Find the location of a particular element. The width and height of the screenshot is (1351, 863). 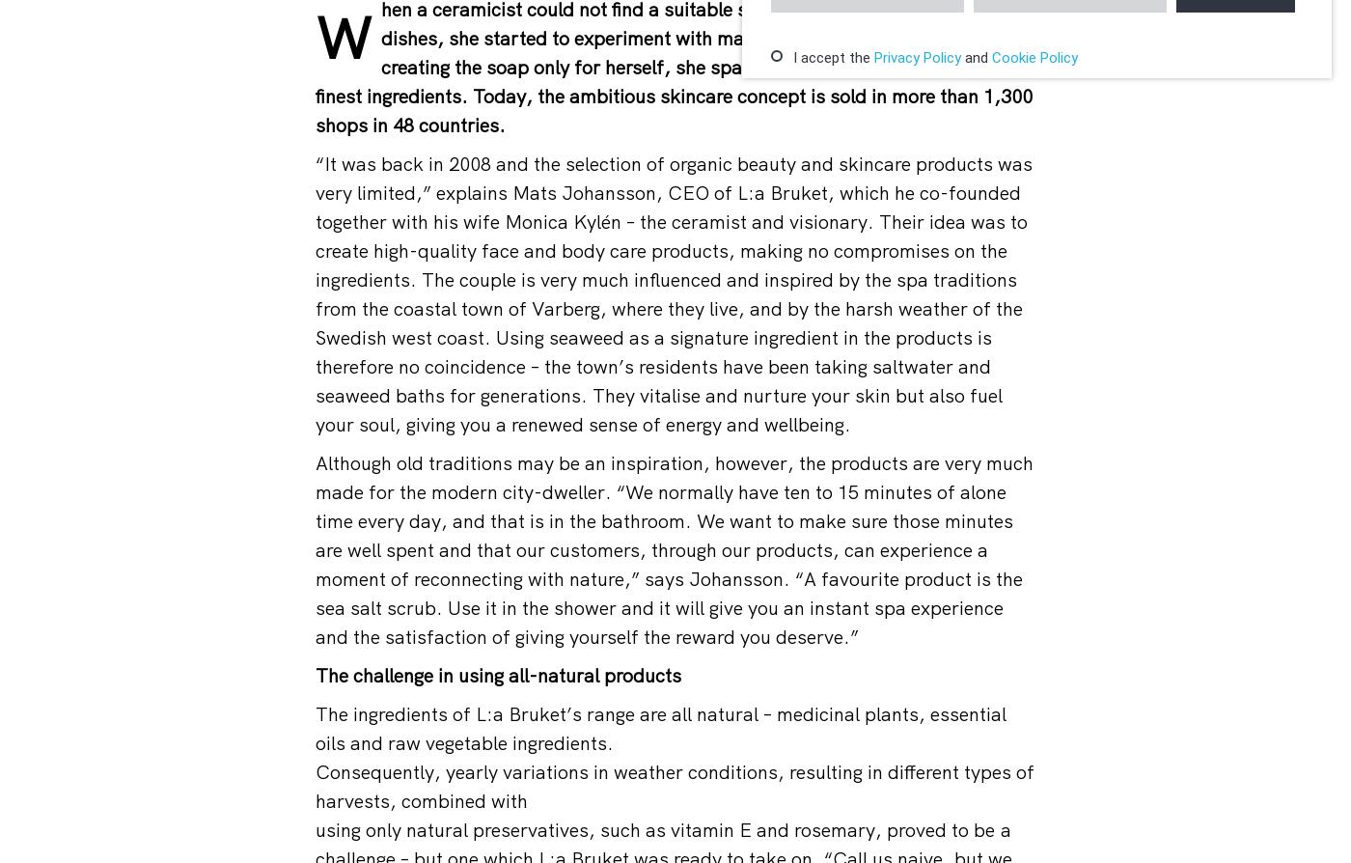

'Although old traditions may be an inspiration, however, the products are very much made for the modern city-dweller. “We normally have ten to 15 minutes of alone time every day, and that is in the bathroom. We want to make sure those minutes are well spent and that our customers, through our products, can experience a moment of reconnecting with nature,” says Johansson. “A favourite product is the sea salt scrub. Use it in the shower and it will give you an instant spa experience and the satisfaction of giving yourself the reward you deserve.”' is located at coordinates (674, 549).